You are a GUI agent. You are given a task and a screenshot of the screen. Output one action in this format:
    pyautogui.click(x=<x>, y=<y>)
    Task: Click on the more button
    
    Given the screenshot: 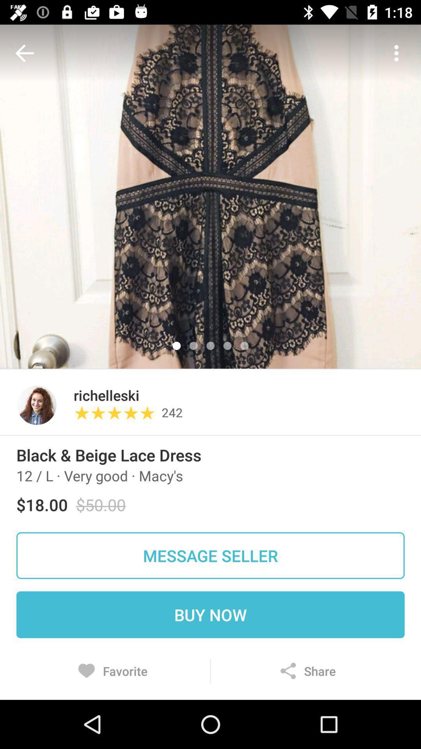 What is the action you would take?
    pyautogui.click(x=396, y=53)
    